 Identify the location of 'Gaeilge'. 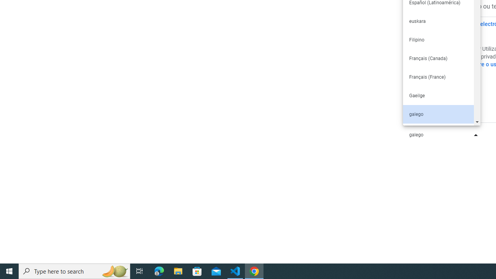
(438, 95).